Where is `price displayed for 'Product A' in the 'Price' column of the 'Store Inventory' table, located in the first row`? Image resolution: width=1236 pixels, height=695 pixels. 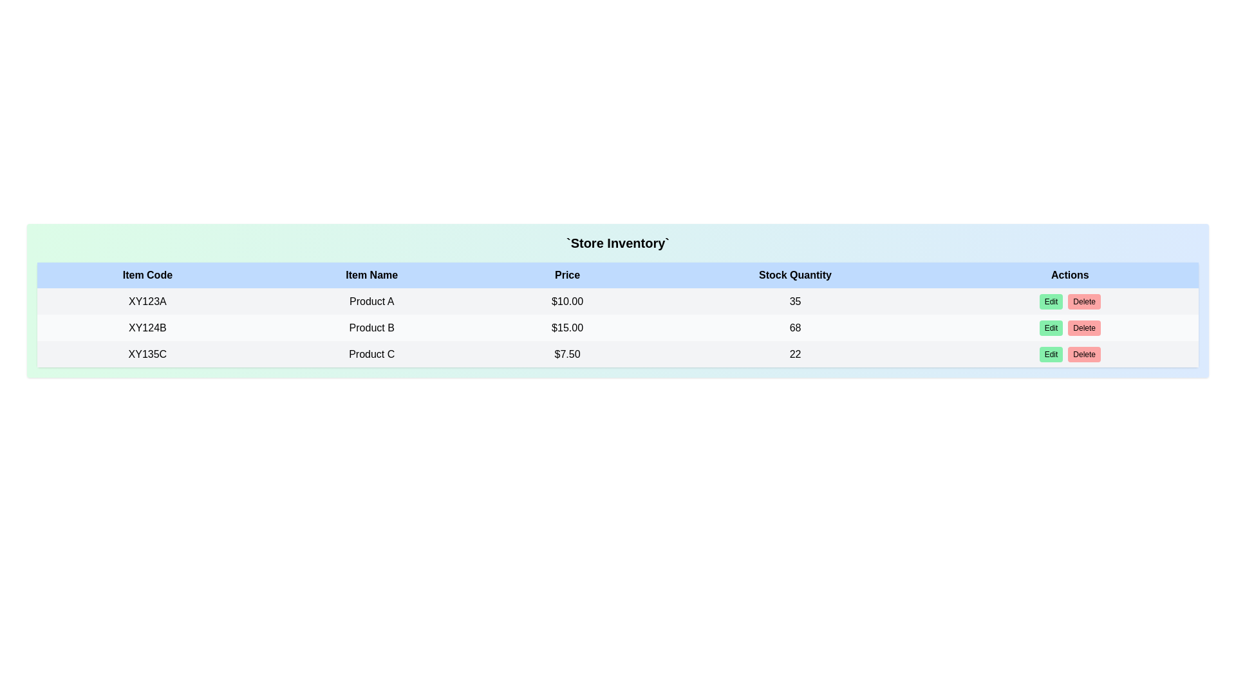 price displayed for 'Product A' in the 'Price' column of the 'Store Inventory' table, located in the first row is located at coordinates (566, 301).